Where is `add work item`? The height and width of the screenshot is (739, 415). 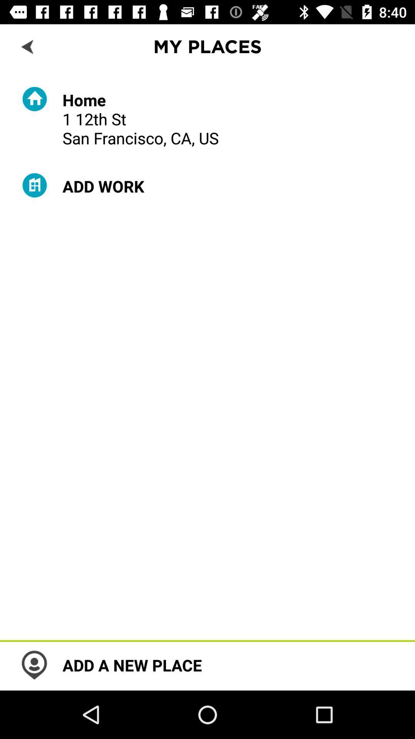
add work item is located at coordinates (103, 186).